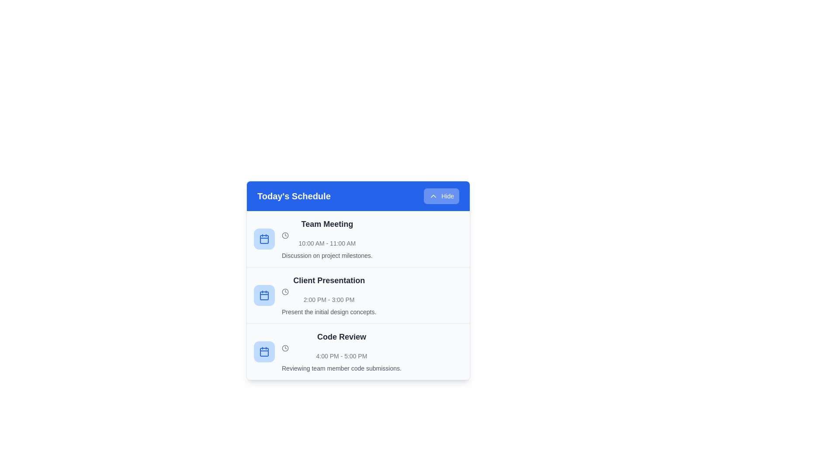 The image size is (839, 472). What do you see at coordinates (358, 295) in the screenshot?
I see `the second schedule entry in the 'Today's Schedule' section` at bounding box center [358, 295].